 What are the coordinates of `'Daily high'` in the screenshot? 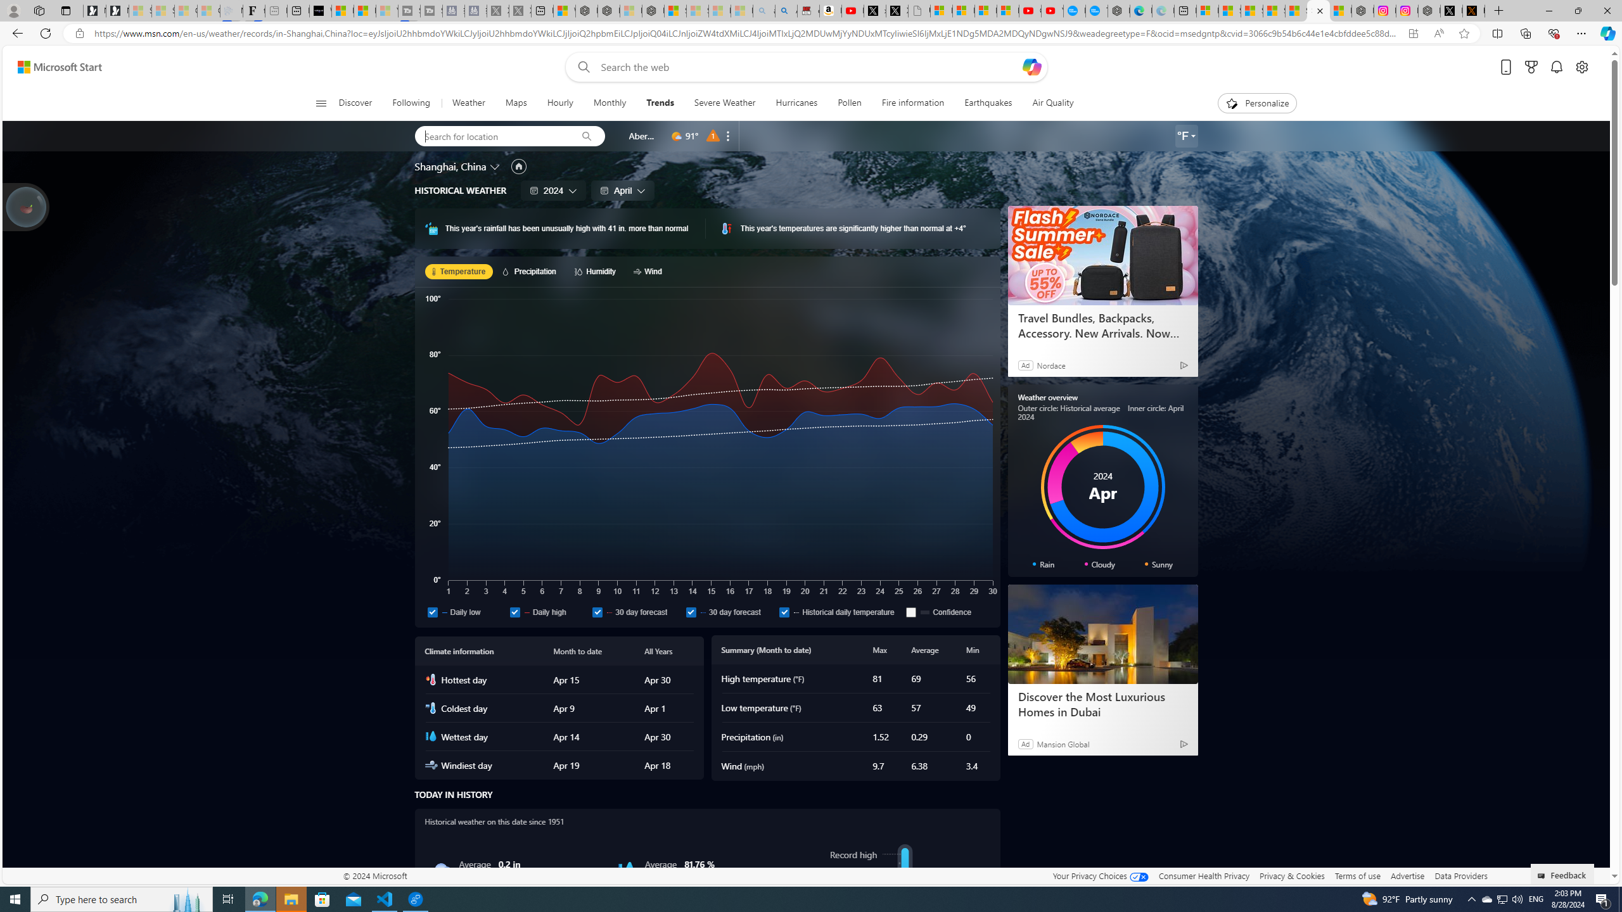 It's located at (547, 611).